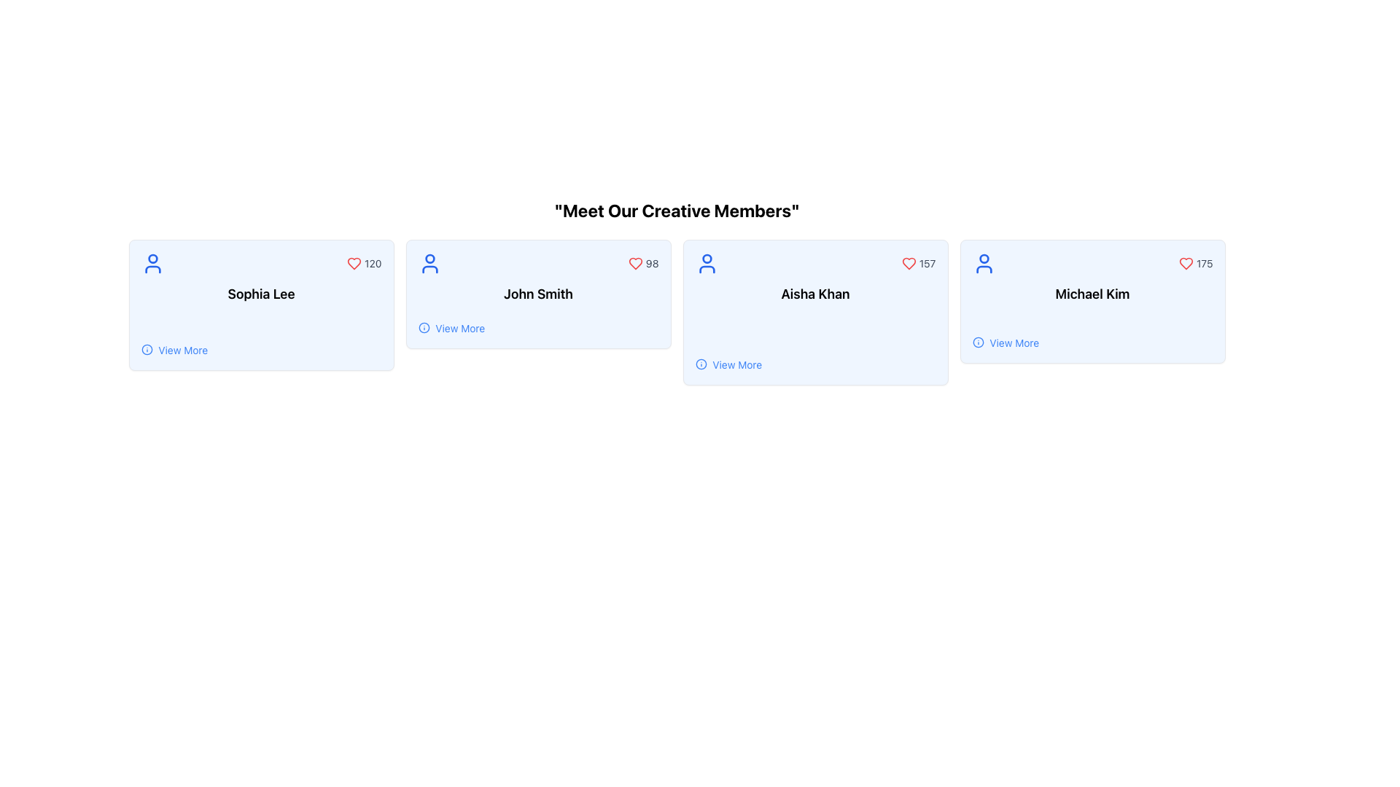 The height and width of the screenshot is (787, 1400). What do you see at coordinates (147, 349) in the screenshot?
I see `the circular information icon with a blue outline, located to the left of the 'View More' text for accessibility navigation` at bounding box center [147, 349].